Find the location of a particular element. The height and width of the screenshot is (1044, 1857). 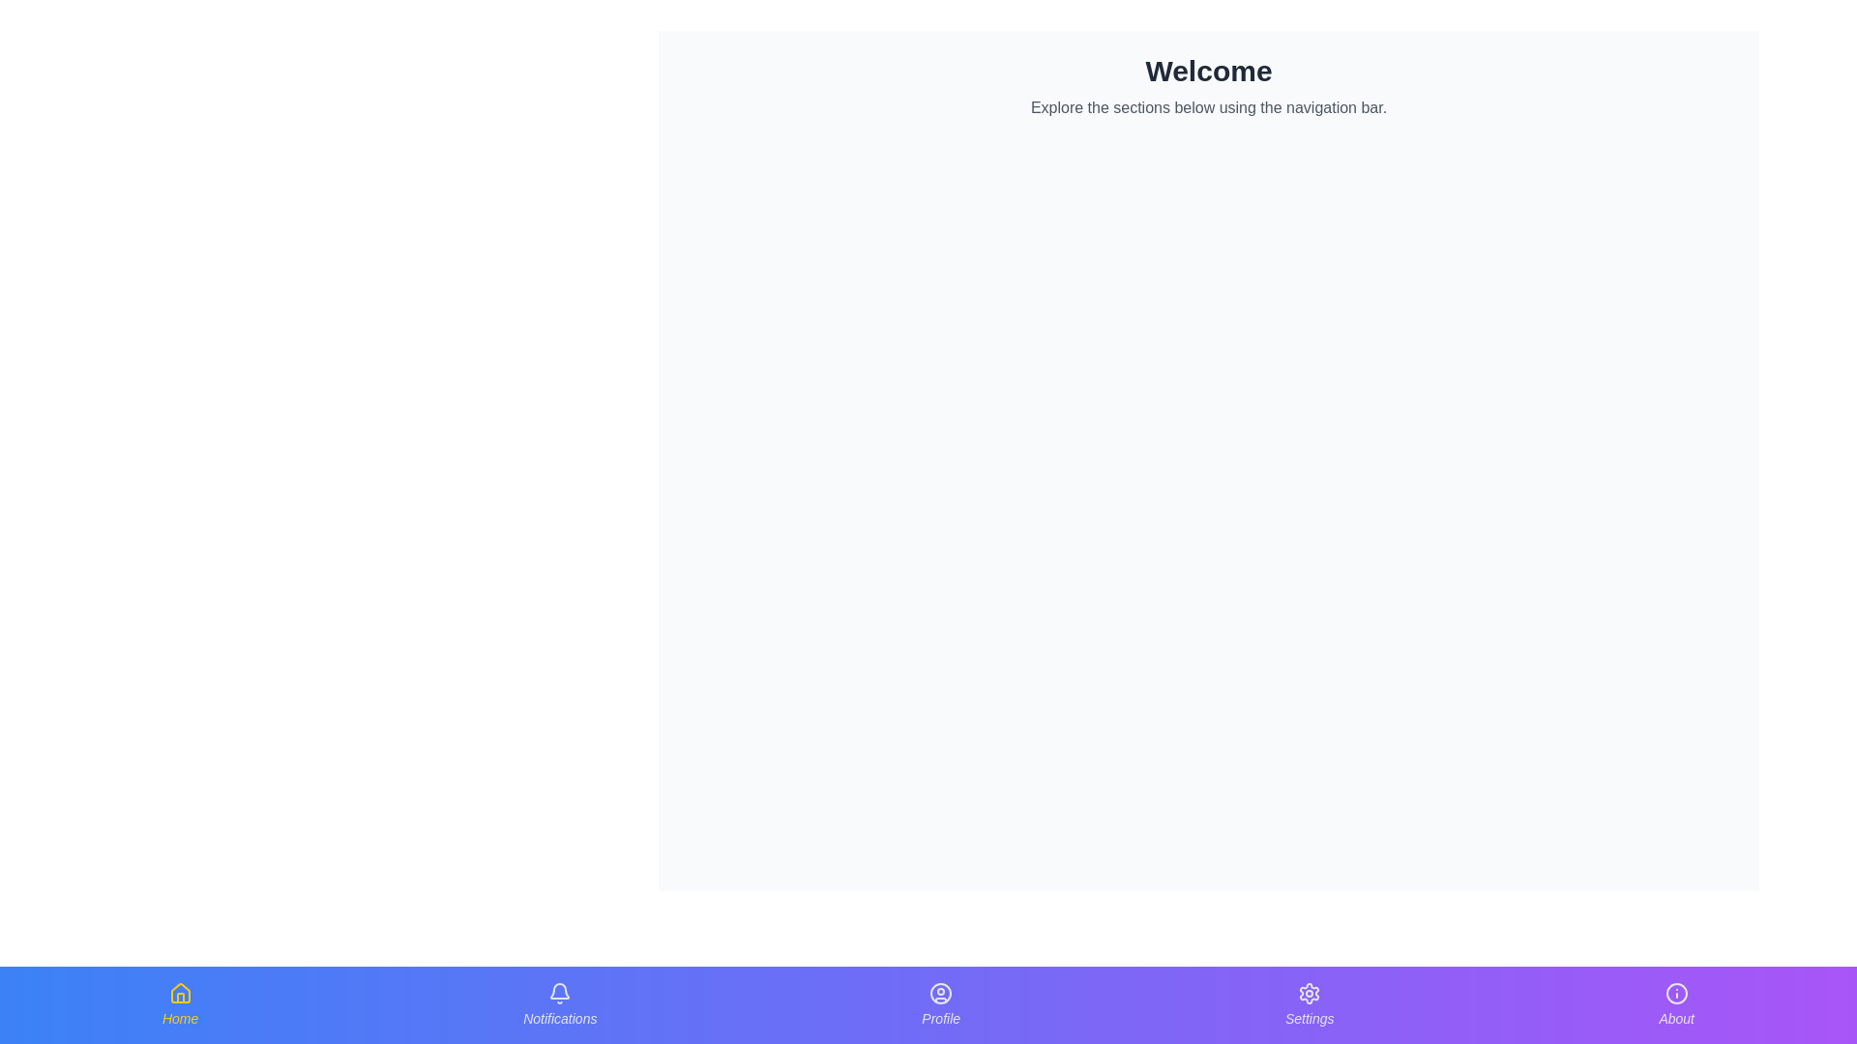

the 'Profile' icon in the bottom navigation bar is located at coordinates (941, 994).